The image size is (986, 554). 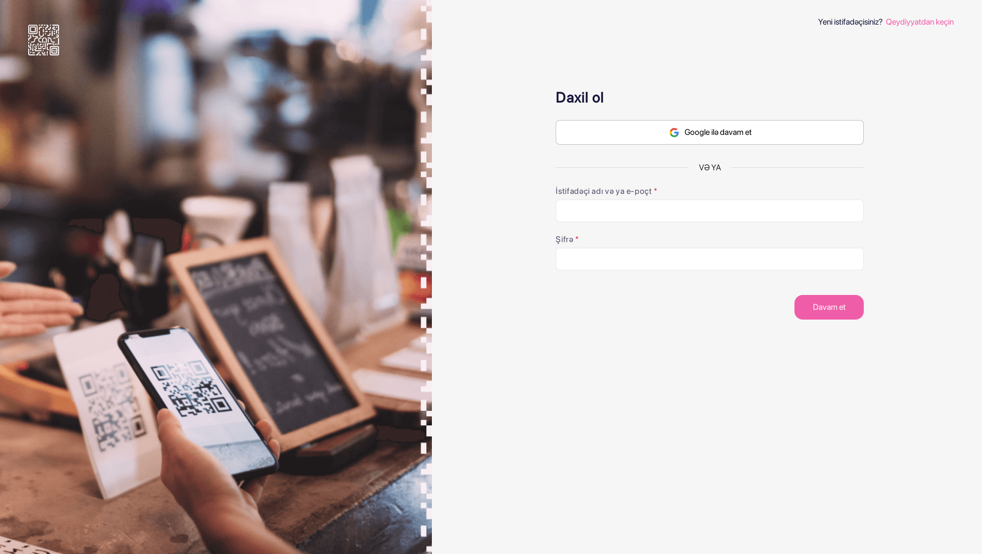 I want to click on 'Davam et', so click(x=829, y=306).